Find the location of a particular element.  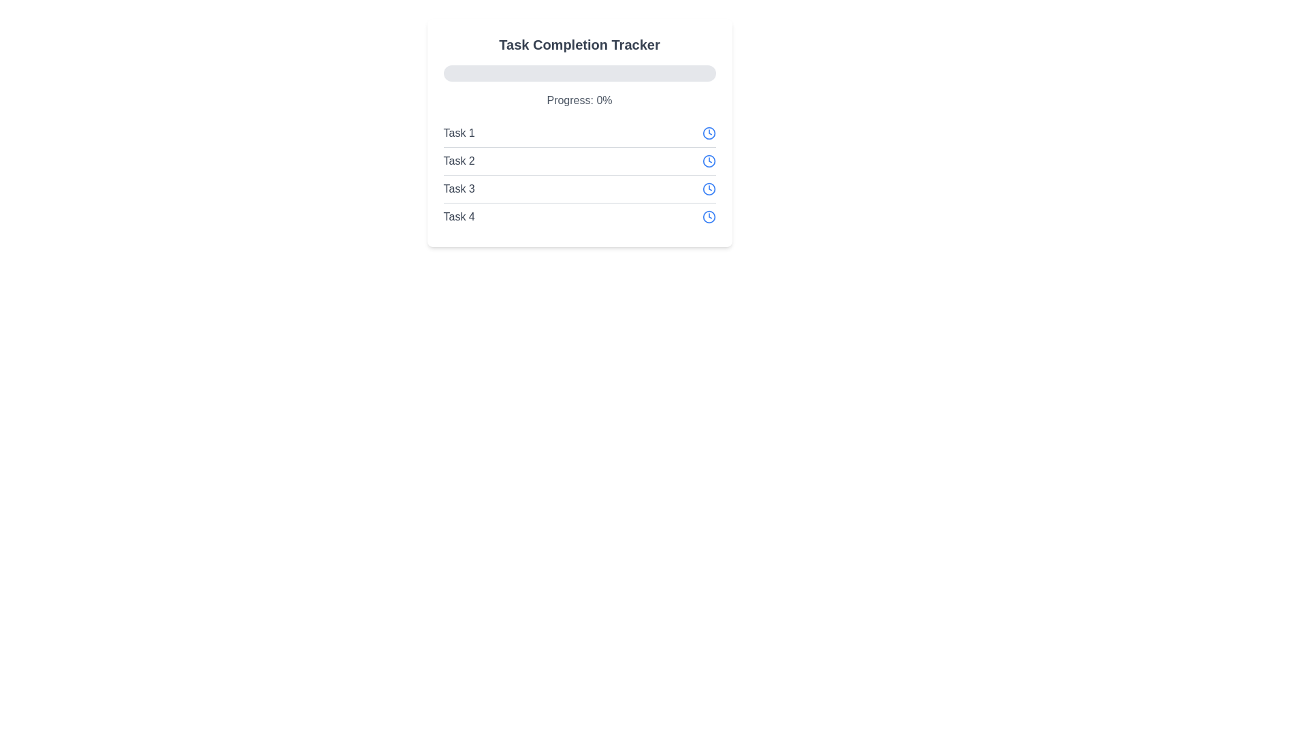

the text label reading 'Task 3' which is part of the 'Task Completion Tracker' list is located at coordinates (459, 189).